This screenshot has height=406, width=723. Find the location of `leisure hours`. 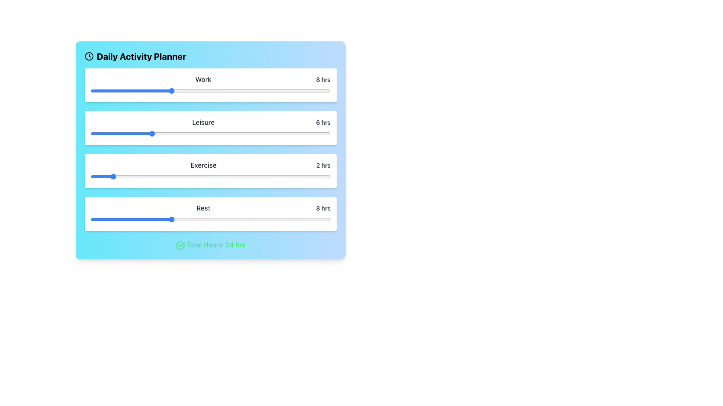

leisure hours is located at coordinates (270, 133).